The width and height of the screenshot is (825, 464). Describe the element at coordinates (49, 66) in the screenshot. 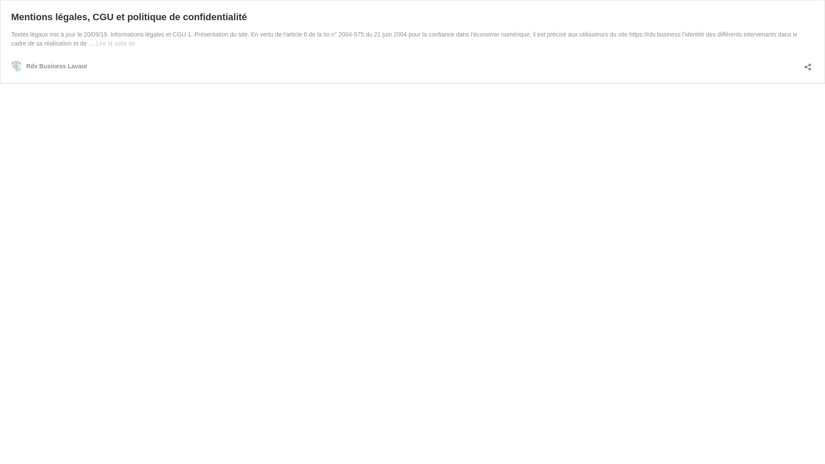

I see `'Rdv Business Lavaur'` at that location.